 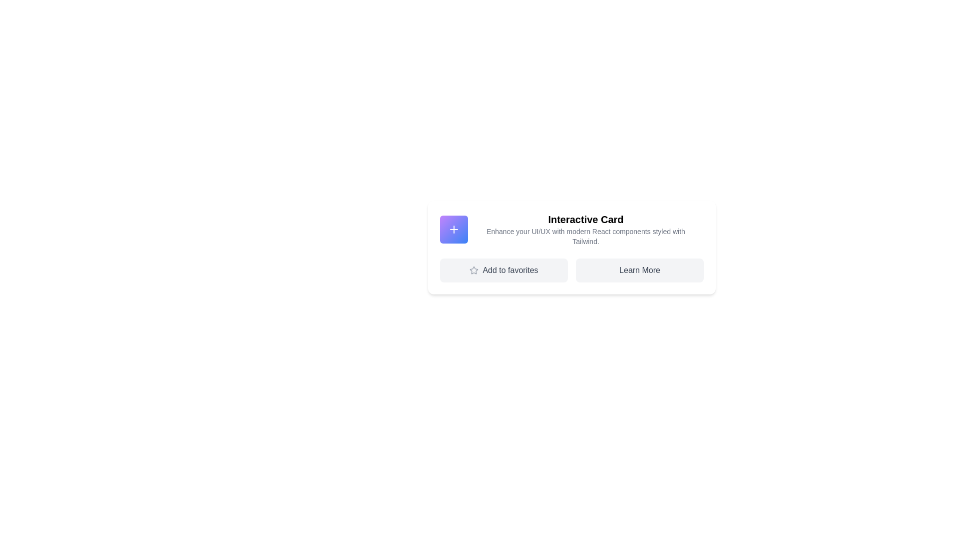 I want to click on the 'Add to favorites' button, which is a light gray rectangular button with rounded corners, containing a gray star icon and the text 'Add to favorites', positioned as the leftmost button in a two-column grid layout, so click(x=503, y=270).